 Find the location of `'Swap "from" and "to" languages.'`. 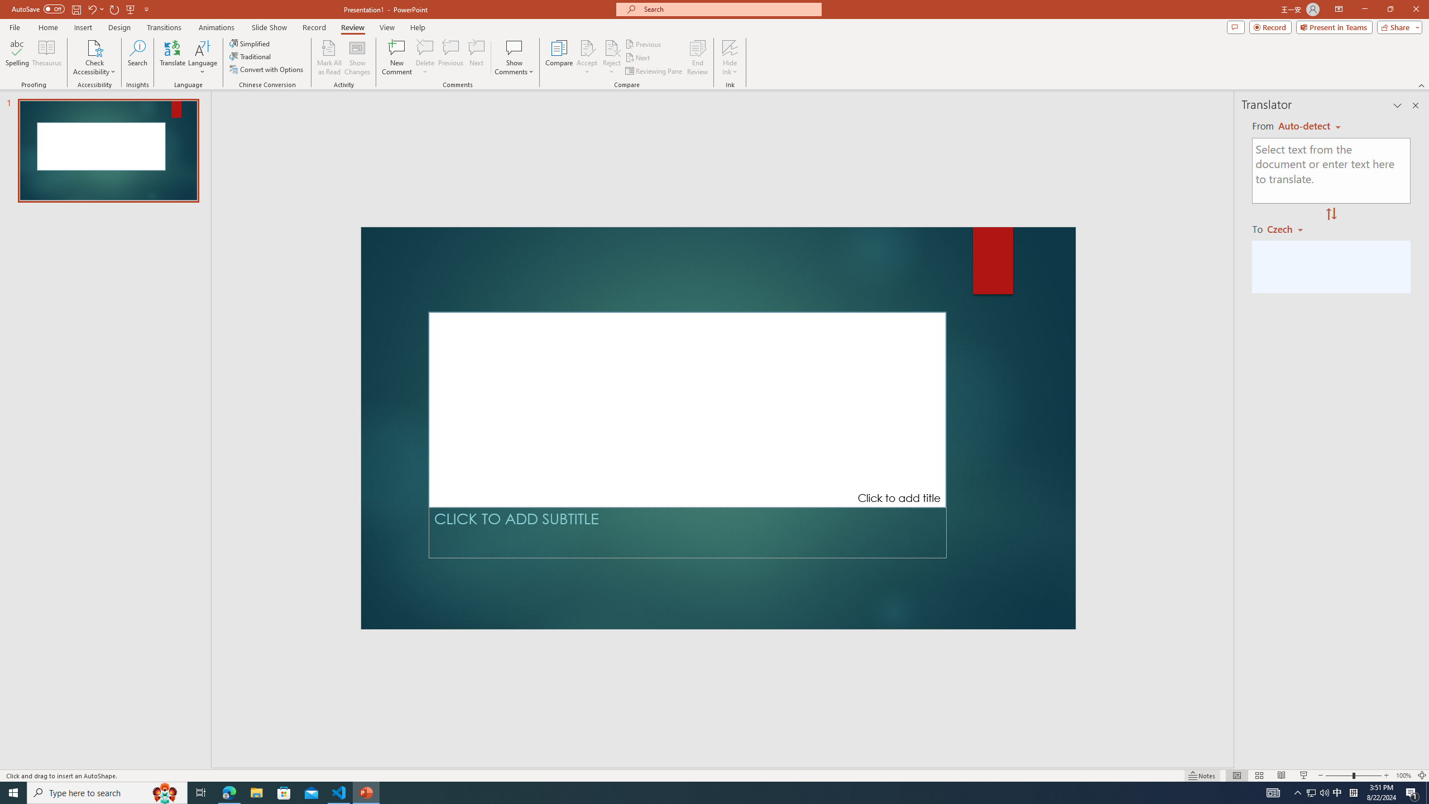

'Swap "from" and "to" languages.' is located at coordinates (1331, 214).